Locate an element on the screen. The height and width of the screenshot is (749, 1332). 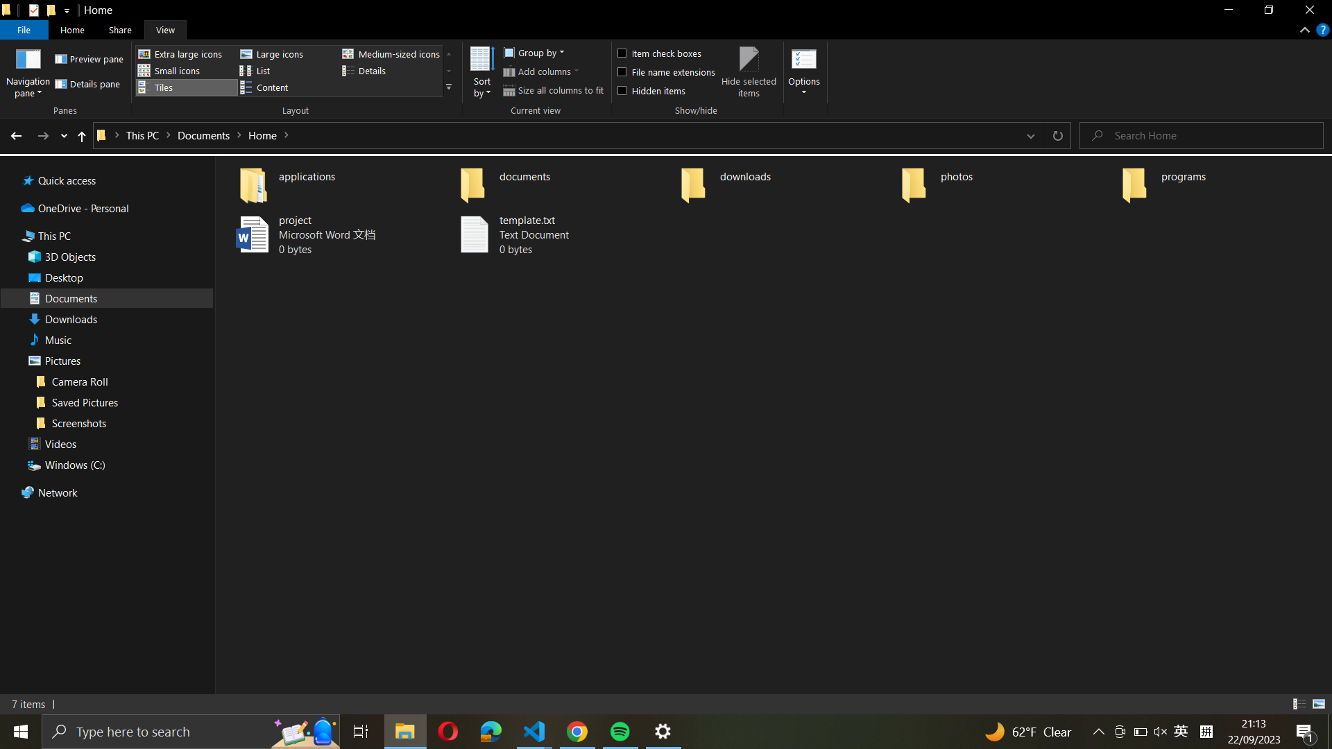
"programs" folder is located at coordinates (1222, 181).